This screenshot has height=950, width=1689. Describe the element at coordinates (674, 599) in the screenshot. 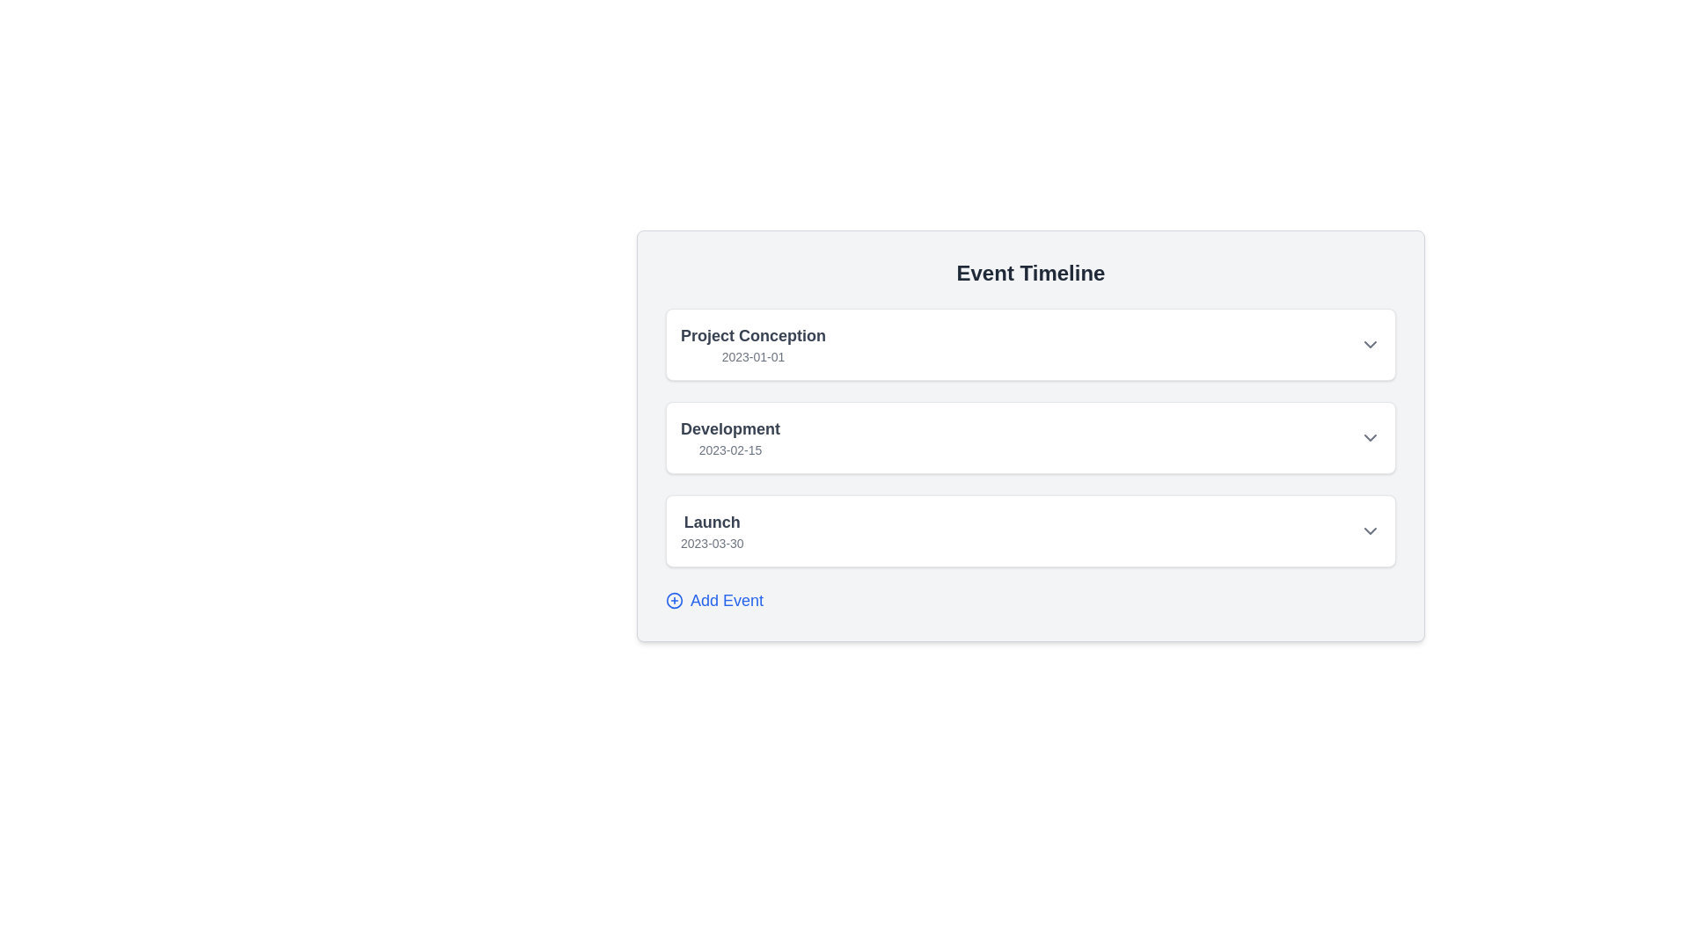

I see `the circular icon button with a plus sign in the center, located to the left of the 'Add Event' text` at that location.